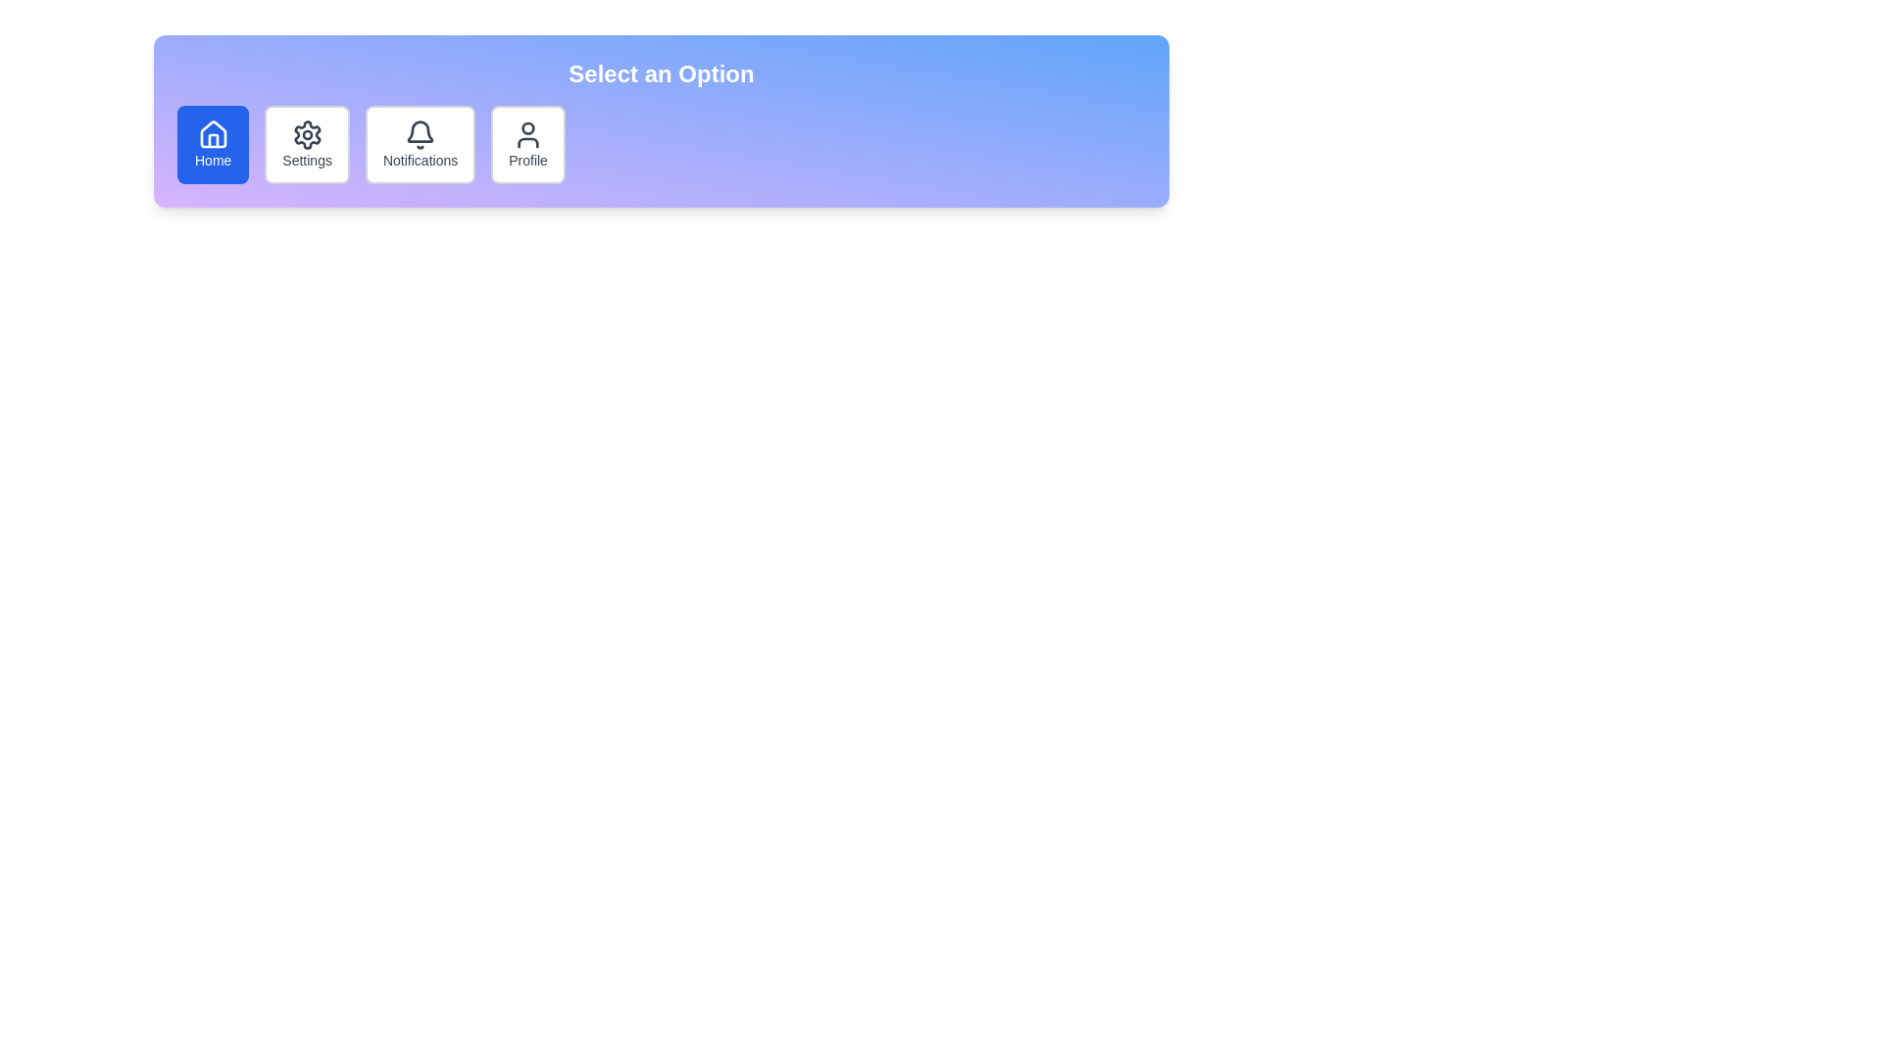 This screenshot has height=1058, width=1882. Describe the element at coordinates (528, 143) in the screenshot. I see `the fourth button in the horizontal series` at that location.